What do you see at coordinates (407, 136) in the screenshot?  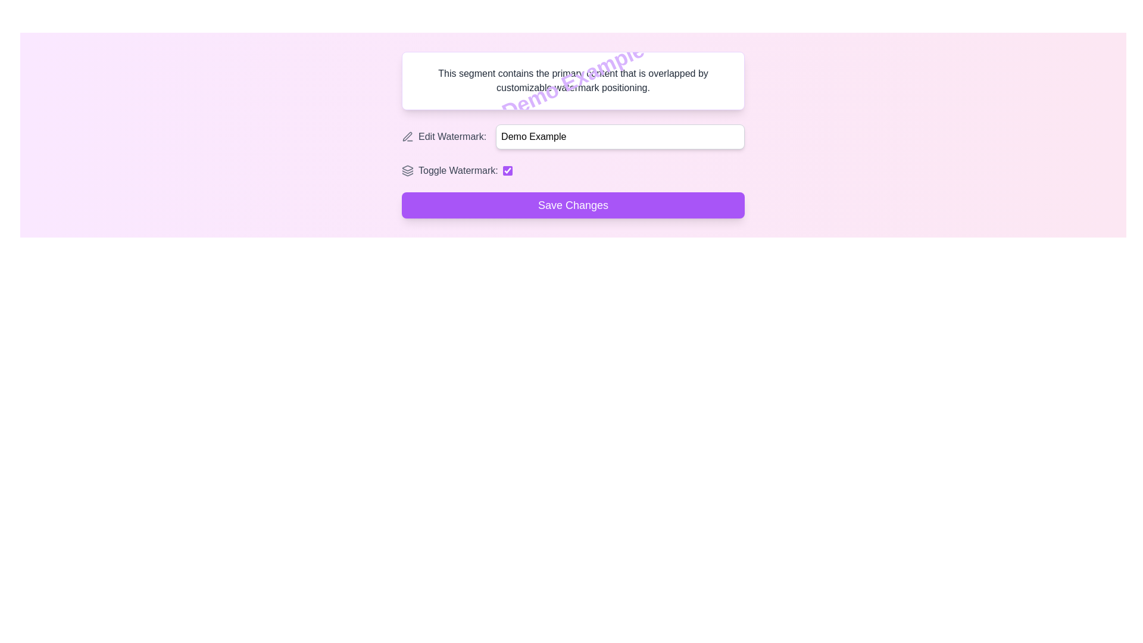 I see `the non-interactive edit icon, which resembles a pen or pencil, located under the label 'Edit Watermark:' to the left of the input field` at bounding box center [407, 136].